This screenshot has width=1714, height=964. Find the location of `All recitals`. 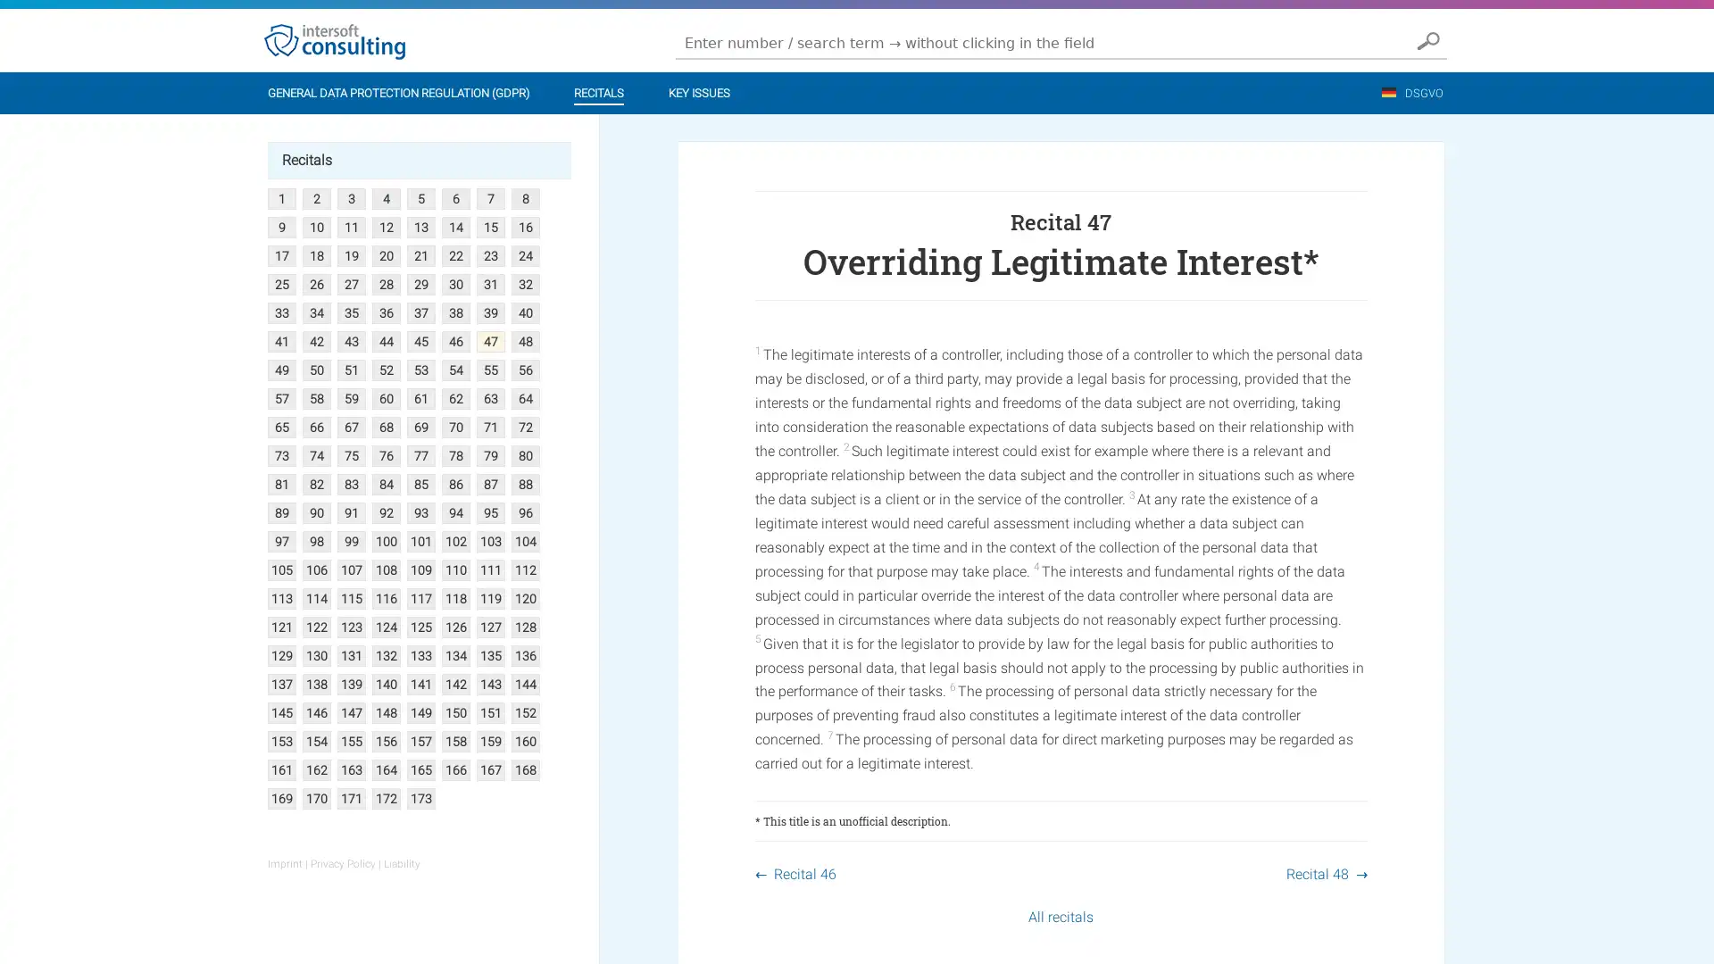

All recitals is located at coordinates (1061, 926).